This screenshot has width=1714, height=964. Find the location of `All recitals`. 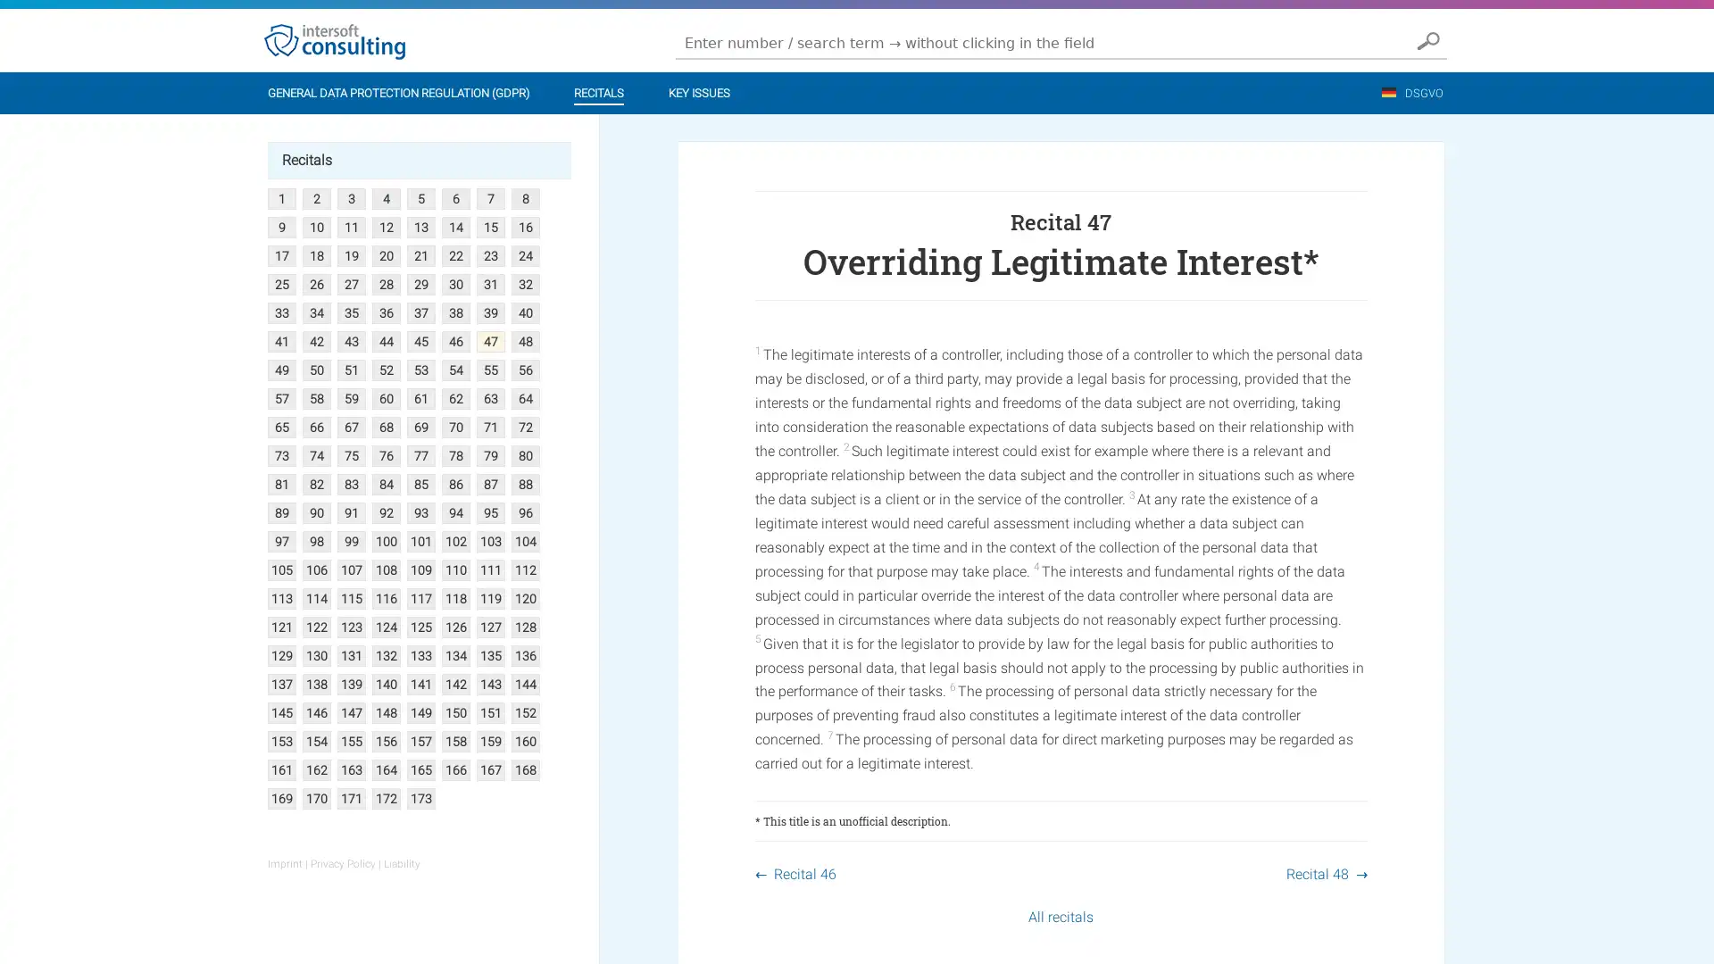

All recitals is located at coordinates (1061, 926).